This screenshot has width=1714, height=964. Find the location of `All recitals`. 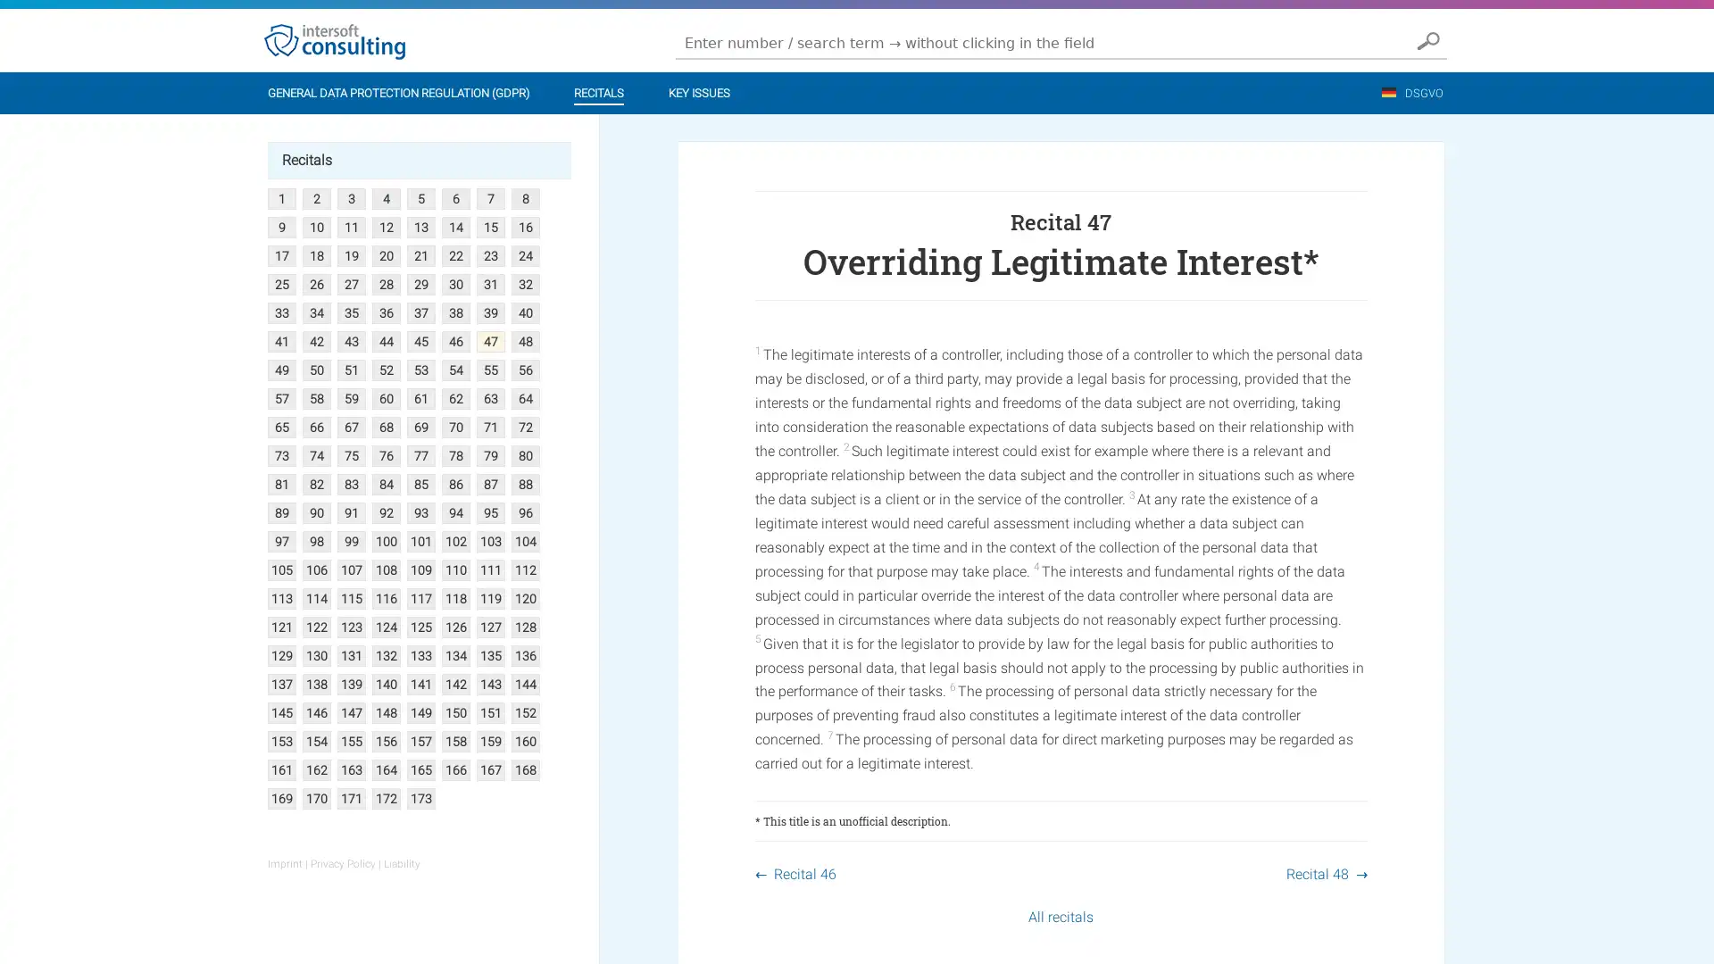

All recitals is located at coordinates (1061, 926).